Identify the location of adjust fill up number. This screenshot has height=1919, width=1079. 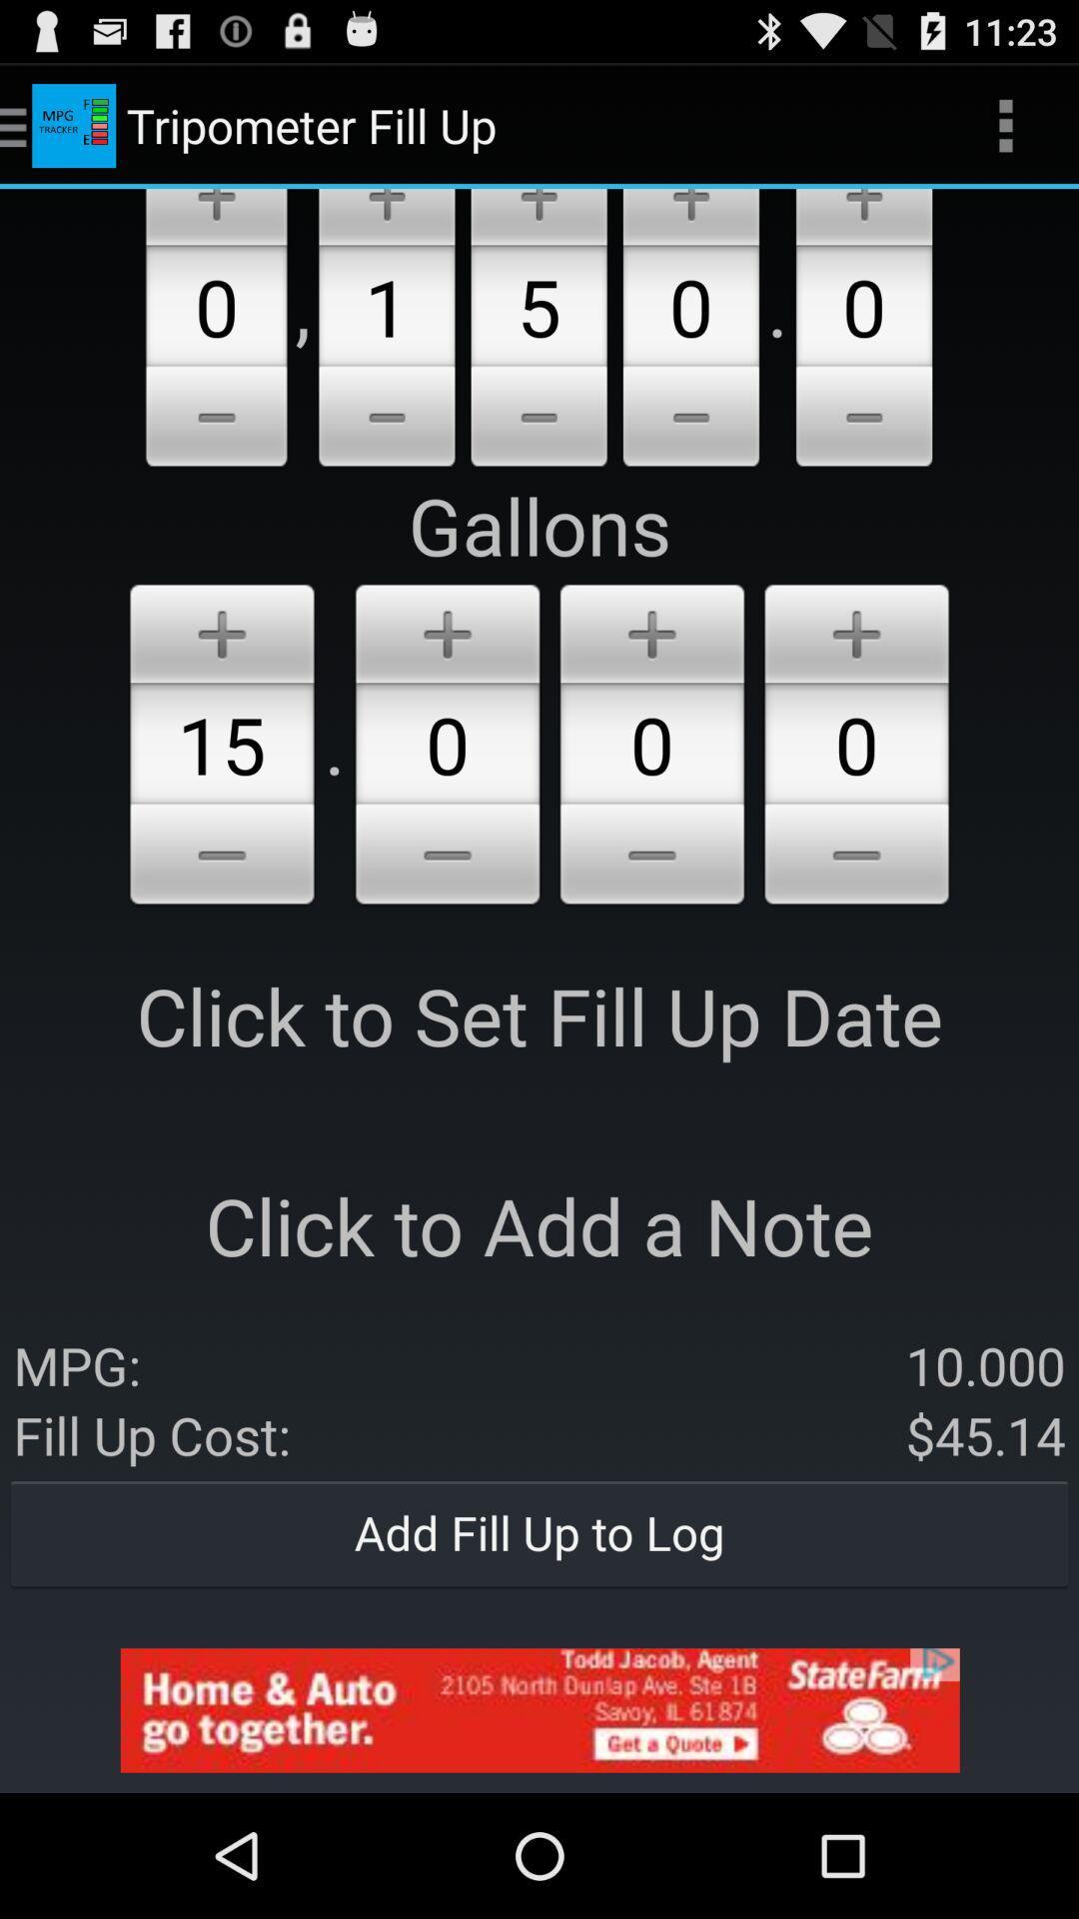
(538, 419).